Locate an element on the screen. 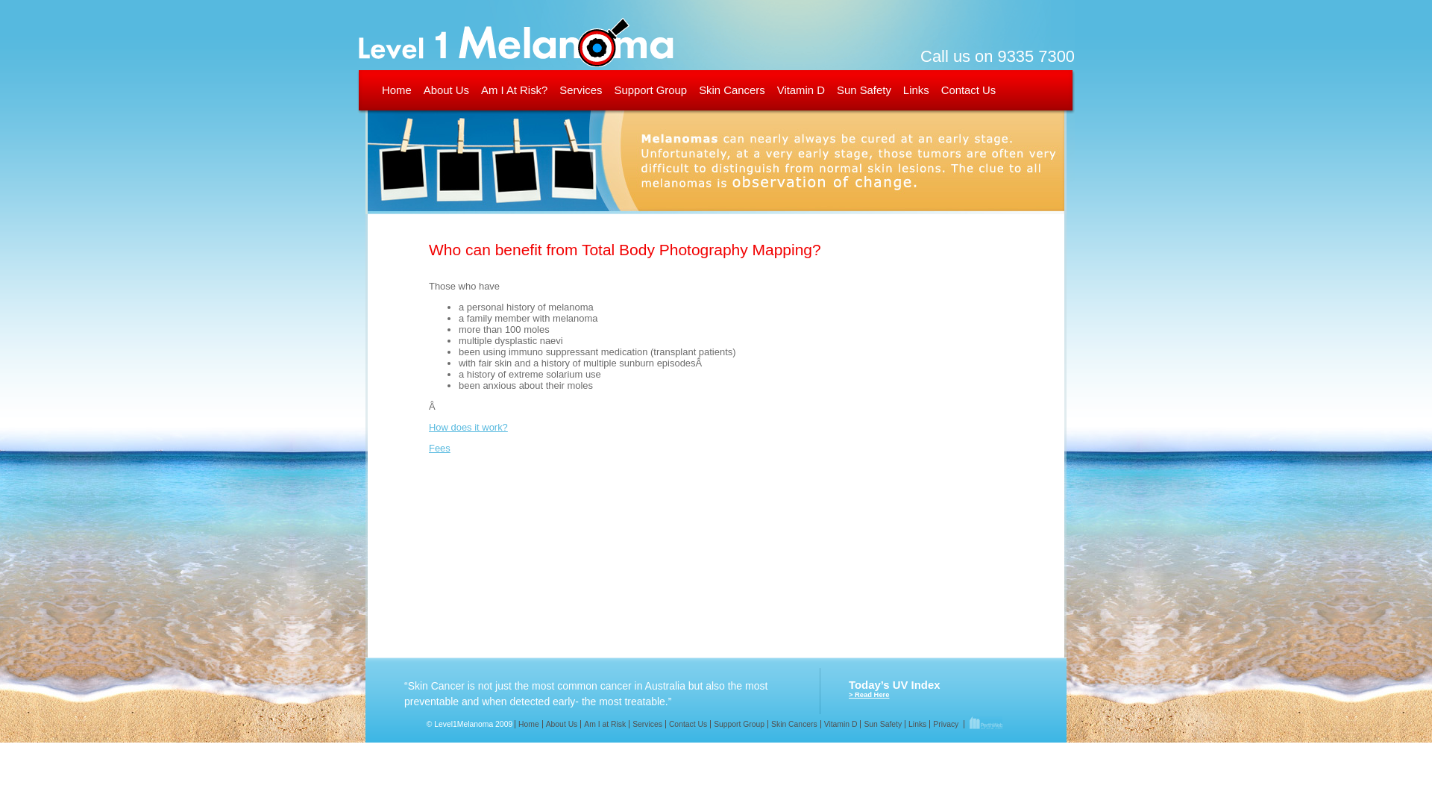 This screenshot has width=1432, height=806. 'Links' is located at coordinates (916, 723).